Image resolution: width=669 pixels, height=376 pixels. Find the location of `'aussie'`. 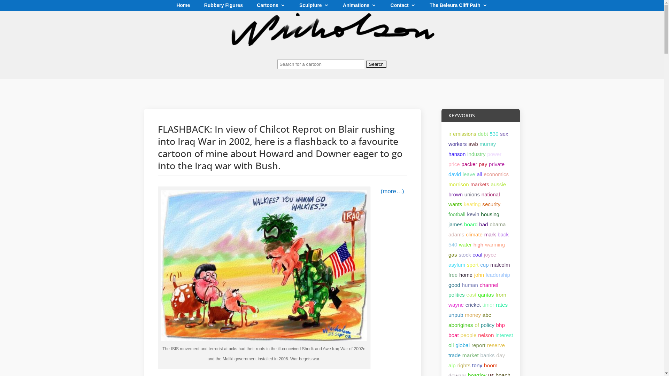

'aussie' is located at coordinates (498, 184).